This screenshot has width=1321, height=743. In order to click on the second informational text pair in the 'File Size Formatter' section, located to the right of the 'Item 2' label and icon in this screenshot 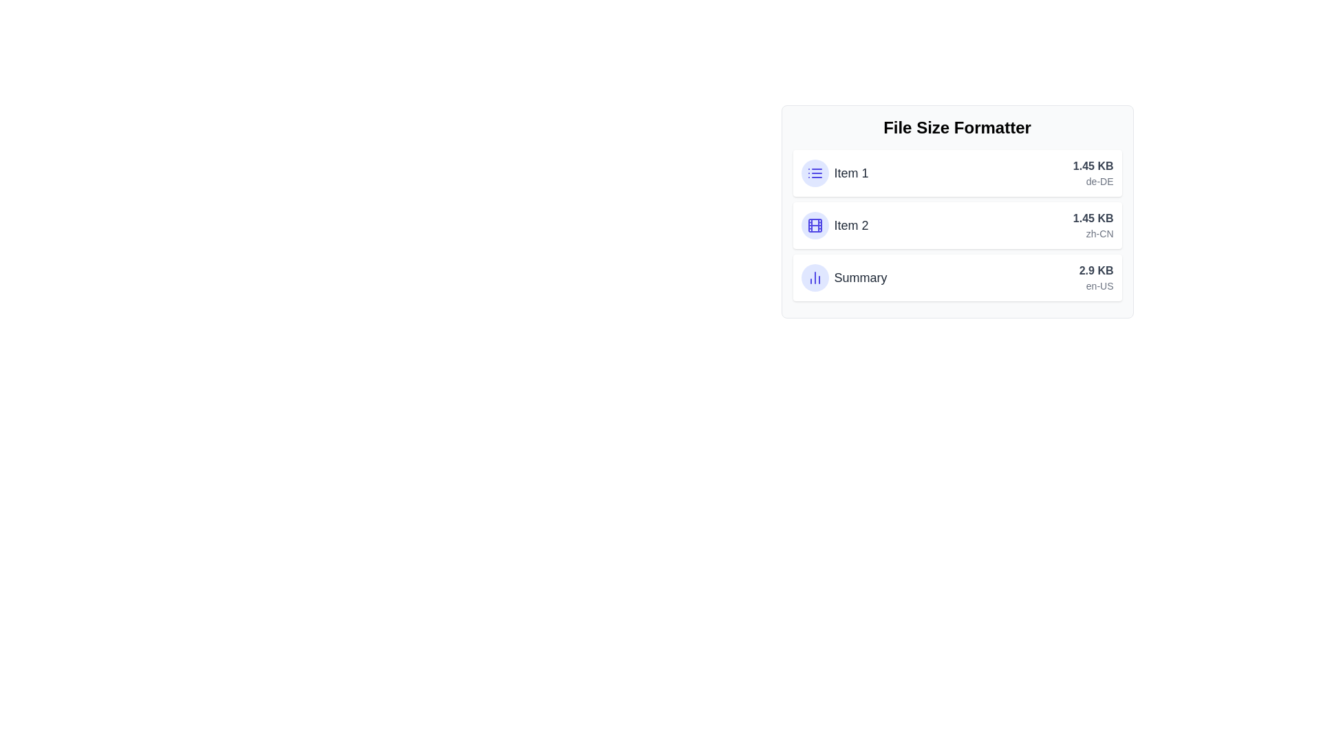, I will do `click(1093, 224)`.